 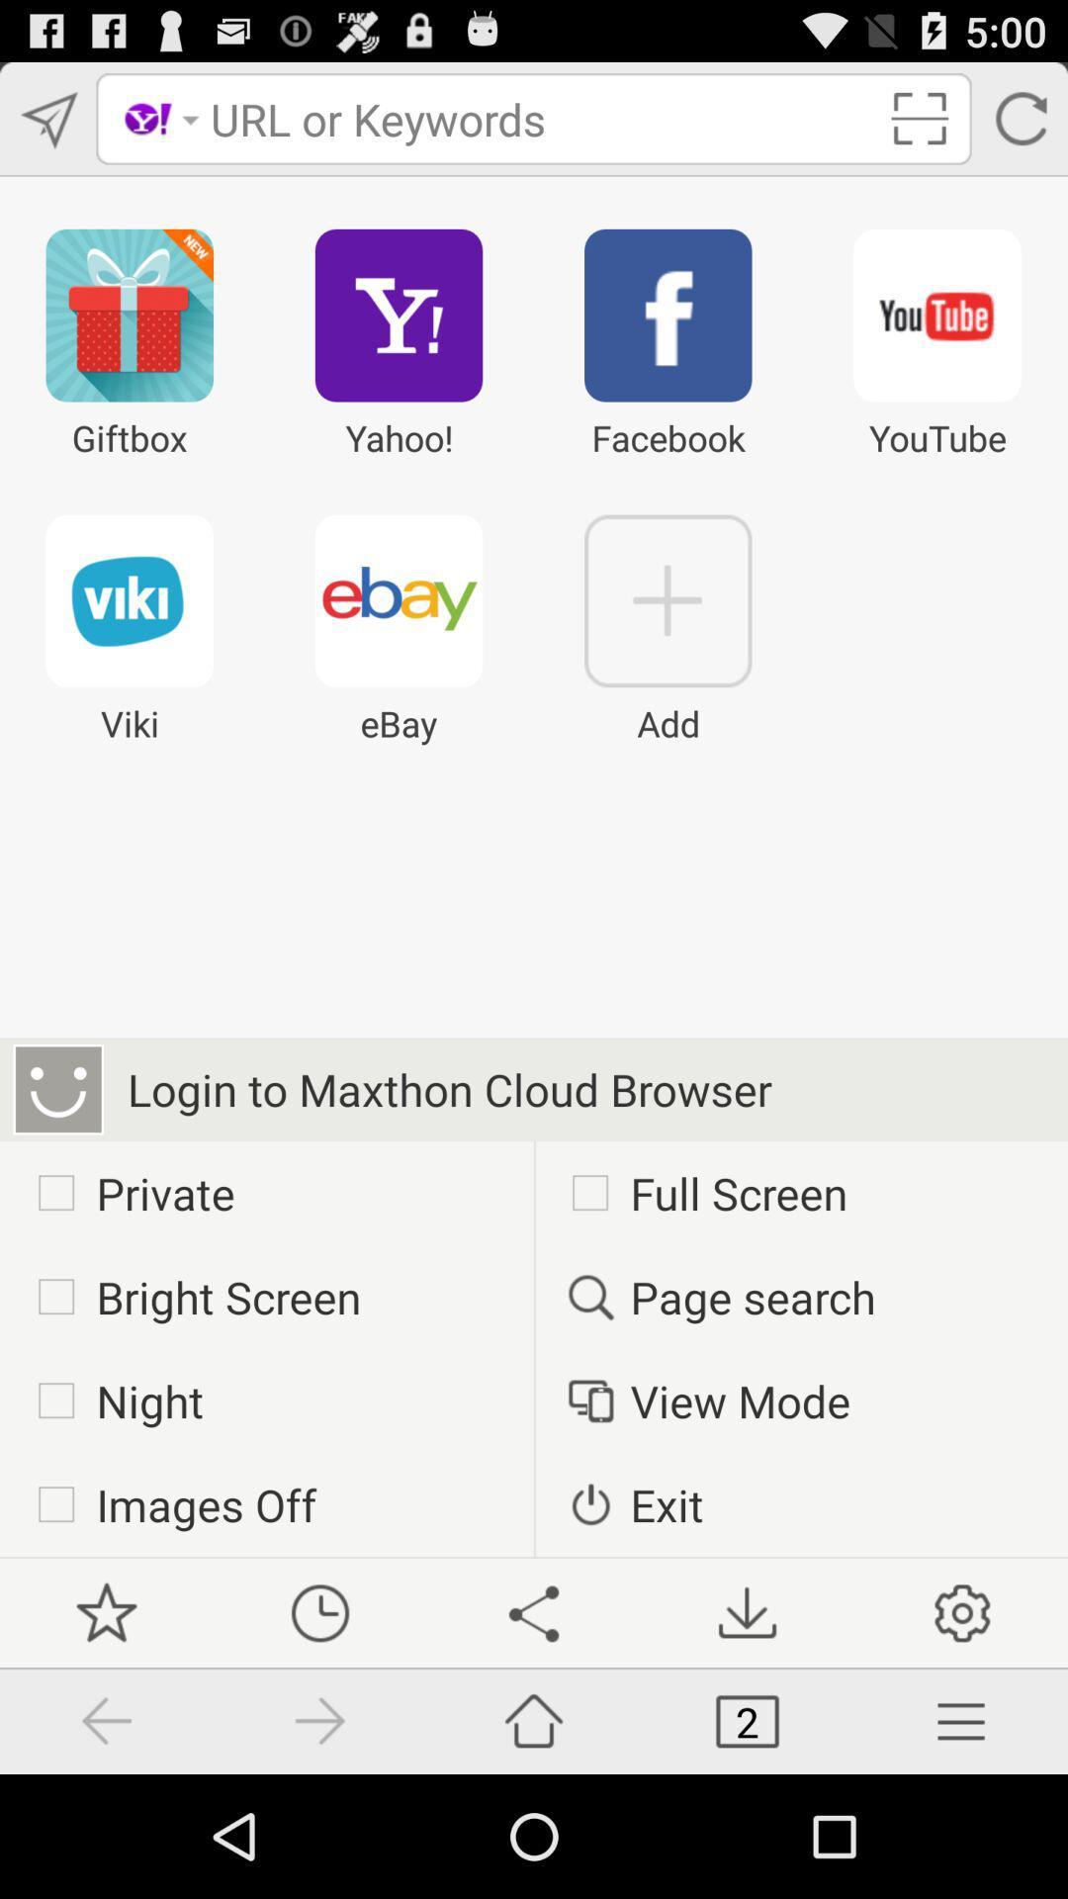 What do you see at coordinates (534, 1725) in the screenshot?
I see `the share icon` at bounding box center [534, 1725].